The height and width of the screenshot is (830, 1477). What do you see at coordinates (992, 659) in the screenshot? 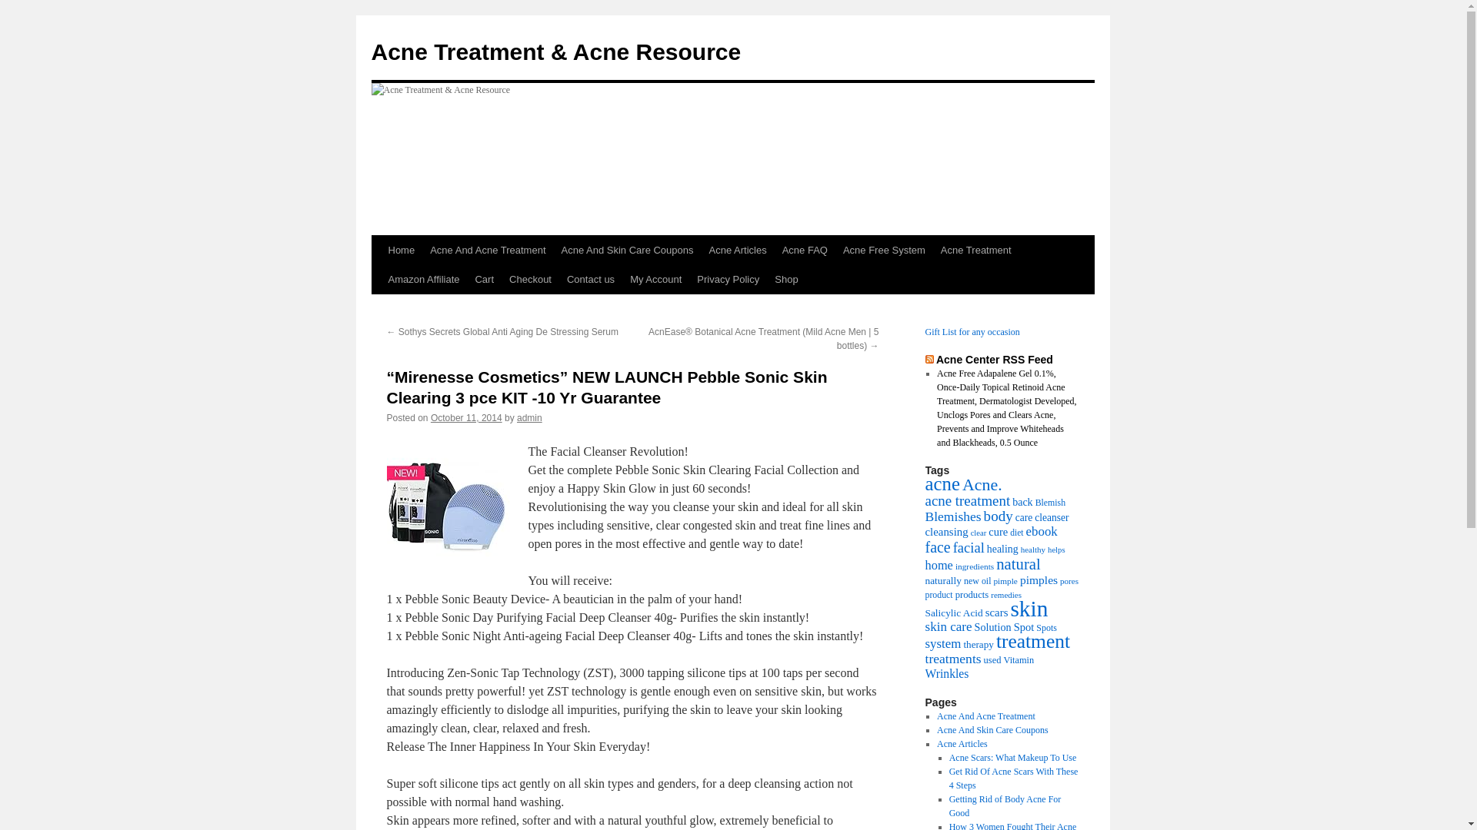
I see `'used'` at bounding box center [992, 659].